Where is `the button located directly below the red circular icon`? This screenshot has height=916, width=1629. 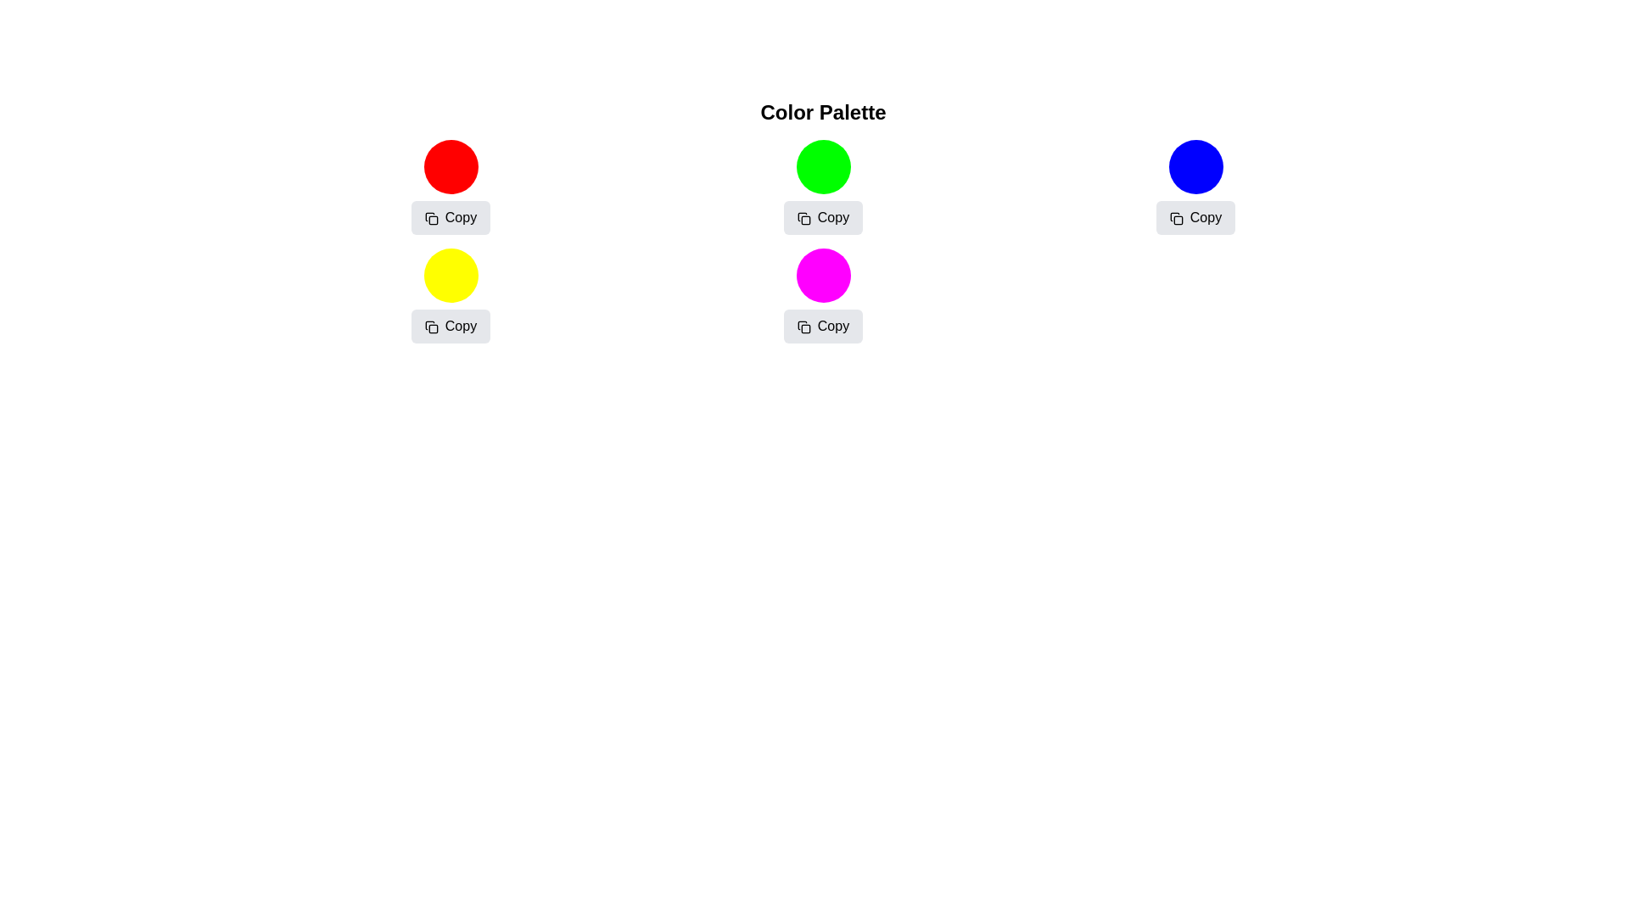
the button located directly below the red circular icon is located at coordinates (451, 217).